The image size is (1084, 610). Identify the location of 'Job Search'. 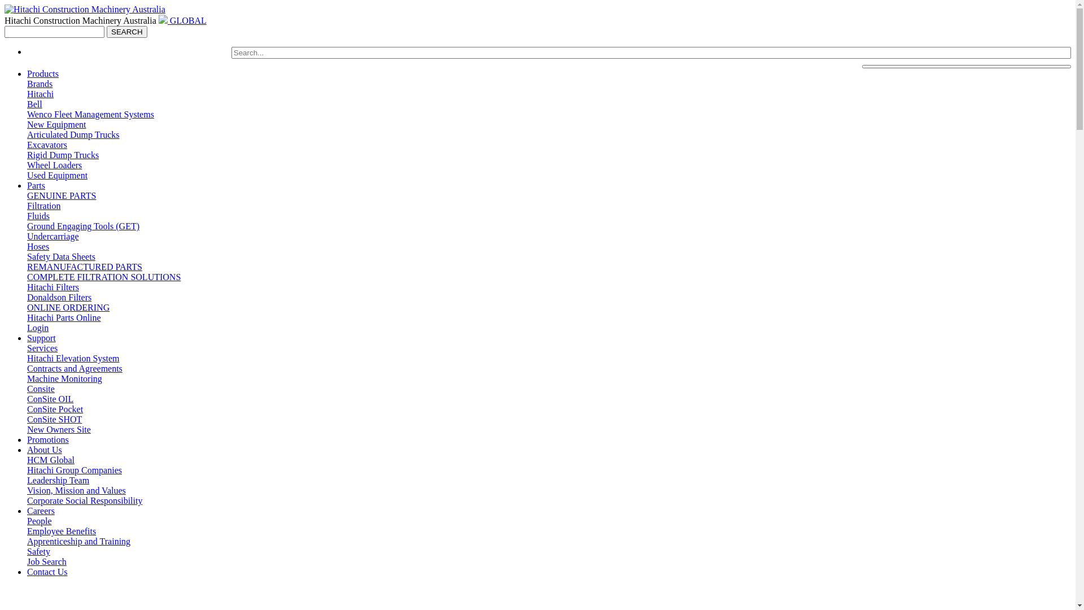
(46, 561).